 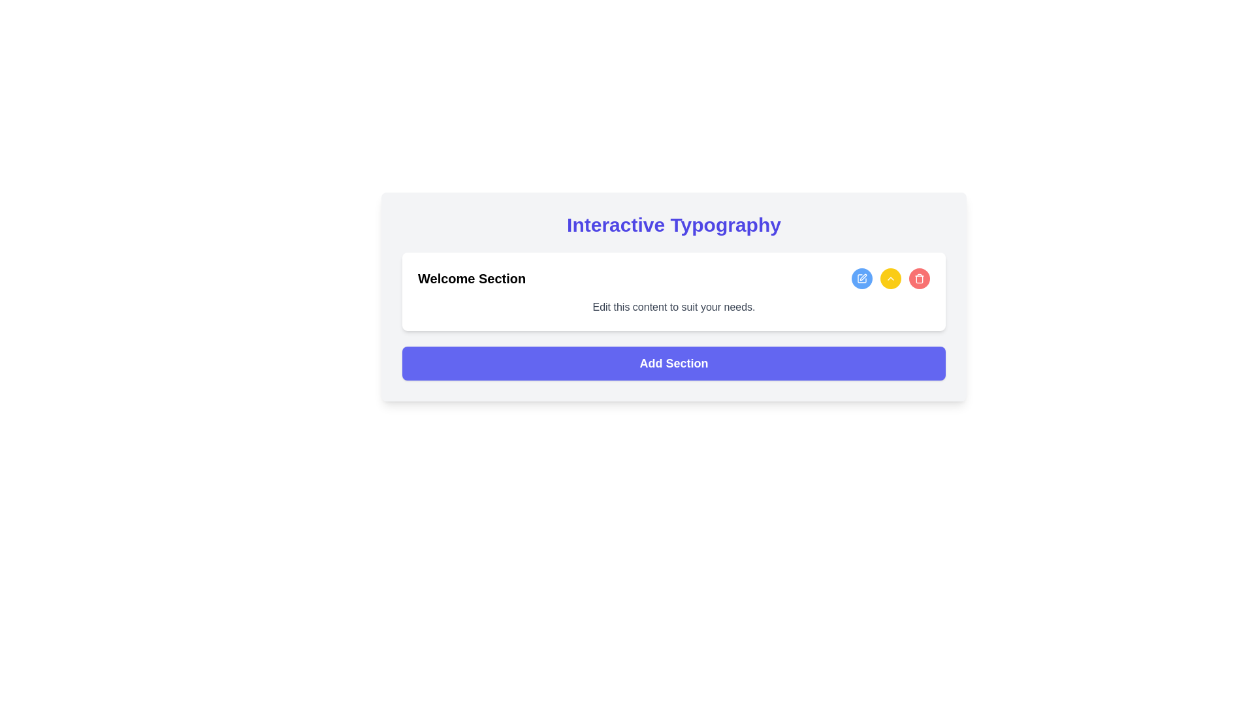 I want to click on the circular yellow button with a white upward arrow icon located in the 'Welcome Section' area, so click(x=890, y=278).